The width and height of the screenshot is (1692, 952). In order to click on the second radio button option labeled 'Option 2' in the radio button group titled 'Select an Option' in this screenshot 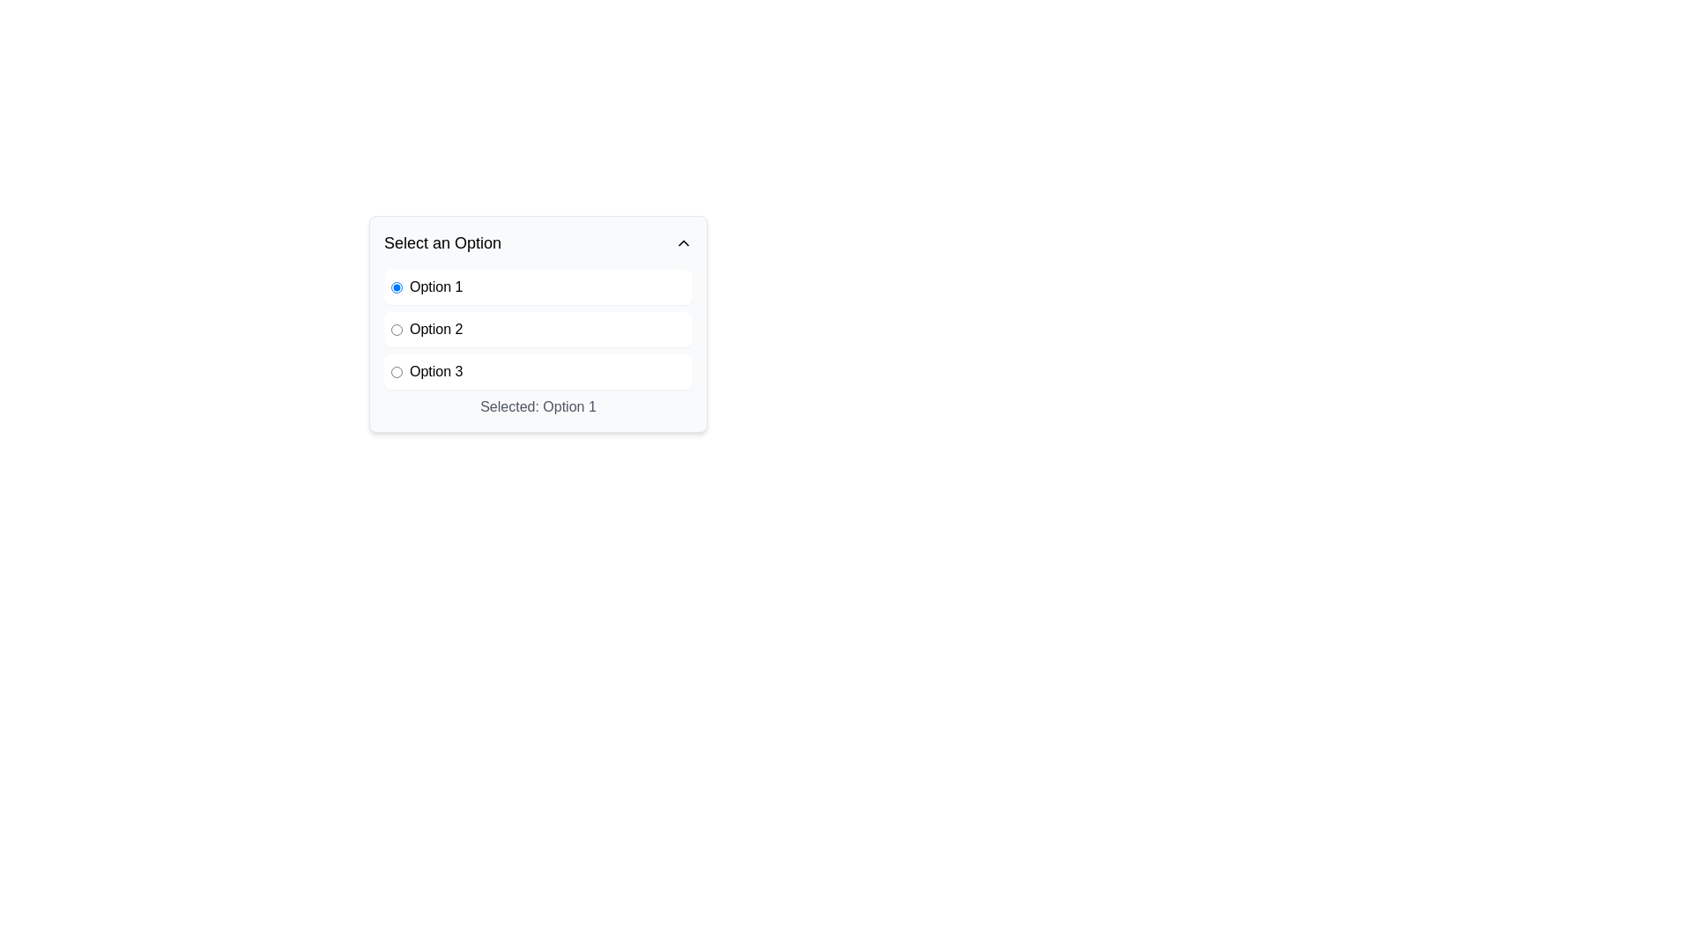, I will do `click(537, 330)`.